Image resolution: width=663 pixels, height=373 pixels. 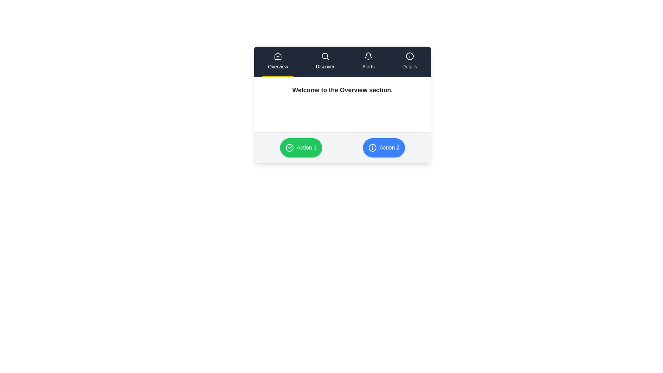 I want to click on the rounded rectangular button with a blue background and white text reading 'Action 2', so click(x=384, y=147).